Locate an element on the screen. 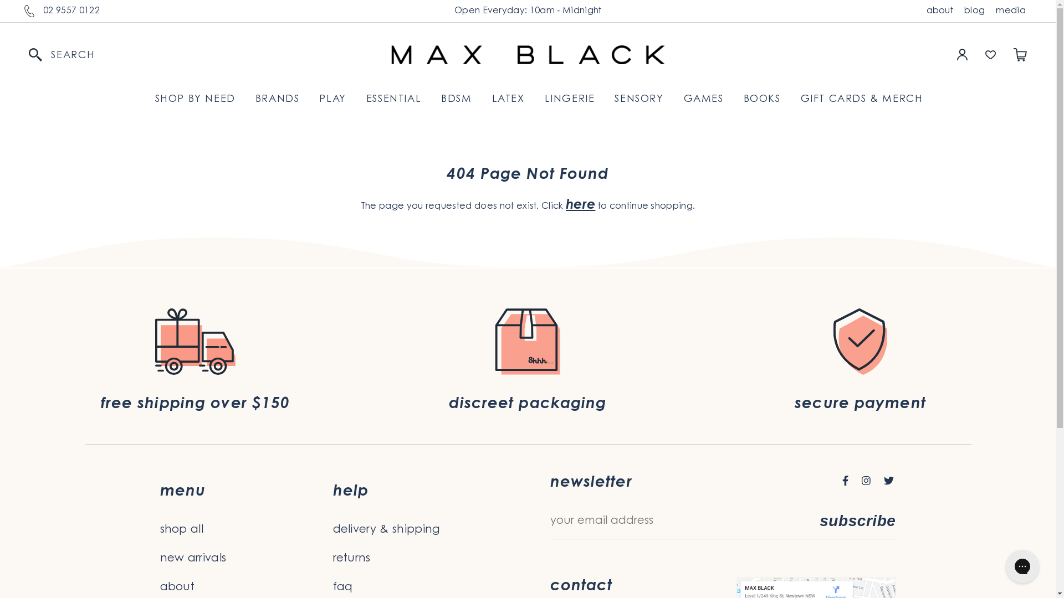  'Gorgias live chat messenger' is located at coordinates (1000, 566).